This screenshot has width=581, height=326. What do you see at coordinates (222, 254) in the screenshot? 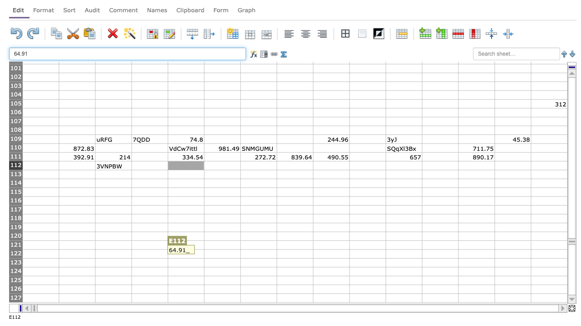
I see `F122` at bounding box center [222, 254].